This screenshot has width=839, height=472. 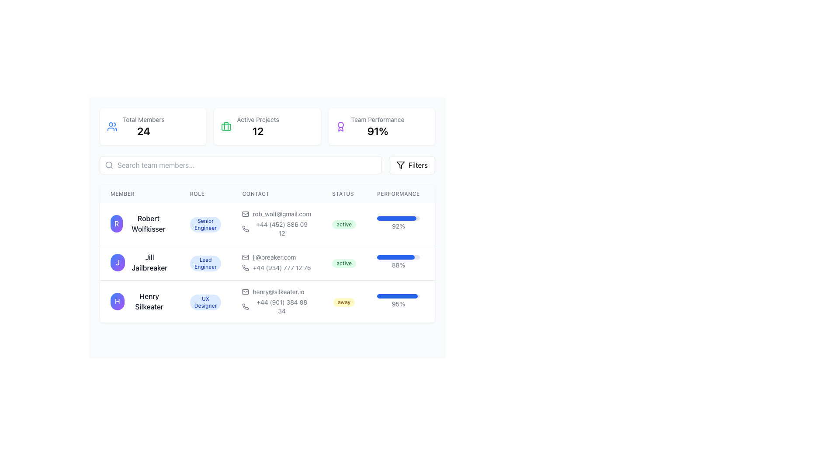 What do you see at coordinates (343, 262) in the screenshot?
I see `status text from the 'Status' column of the second row in the table, which indicates that the status is 'active'` at bounding box center [343, 262].